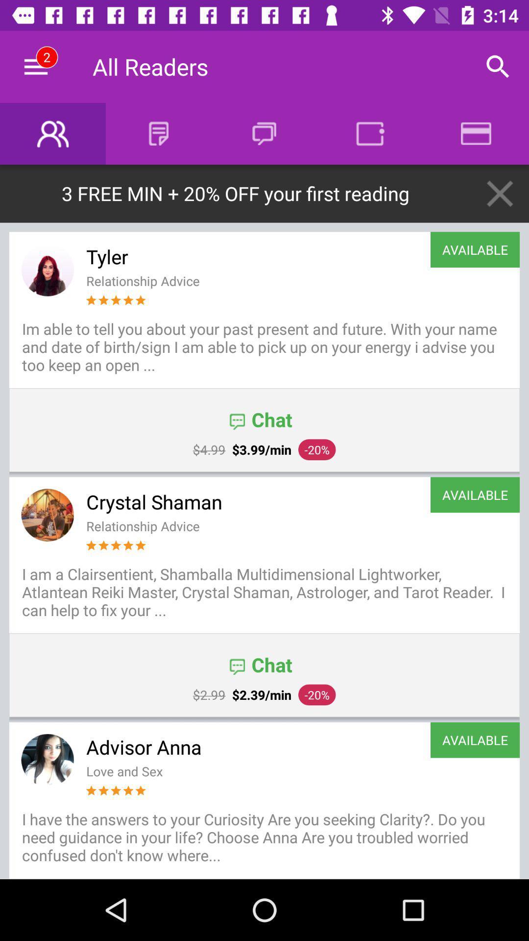 Image resolution: width=529 pixels, height=941 pixels. Describe the element at coordinates (500, 194) in the screenshot. I see `the close icon` at that location.